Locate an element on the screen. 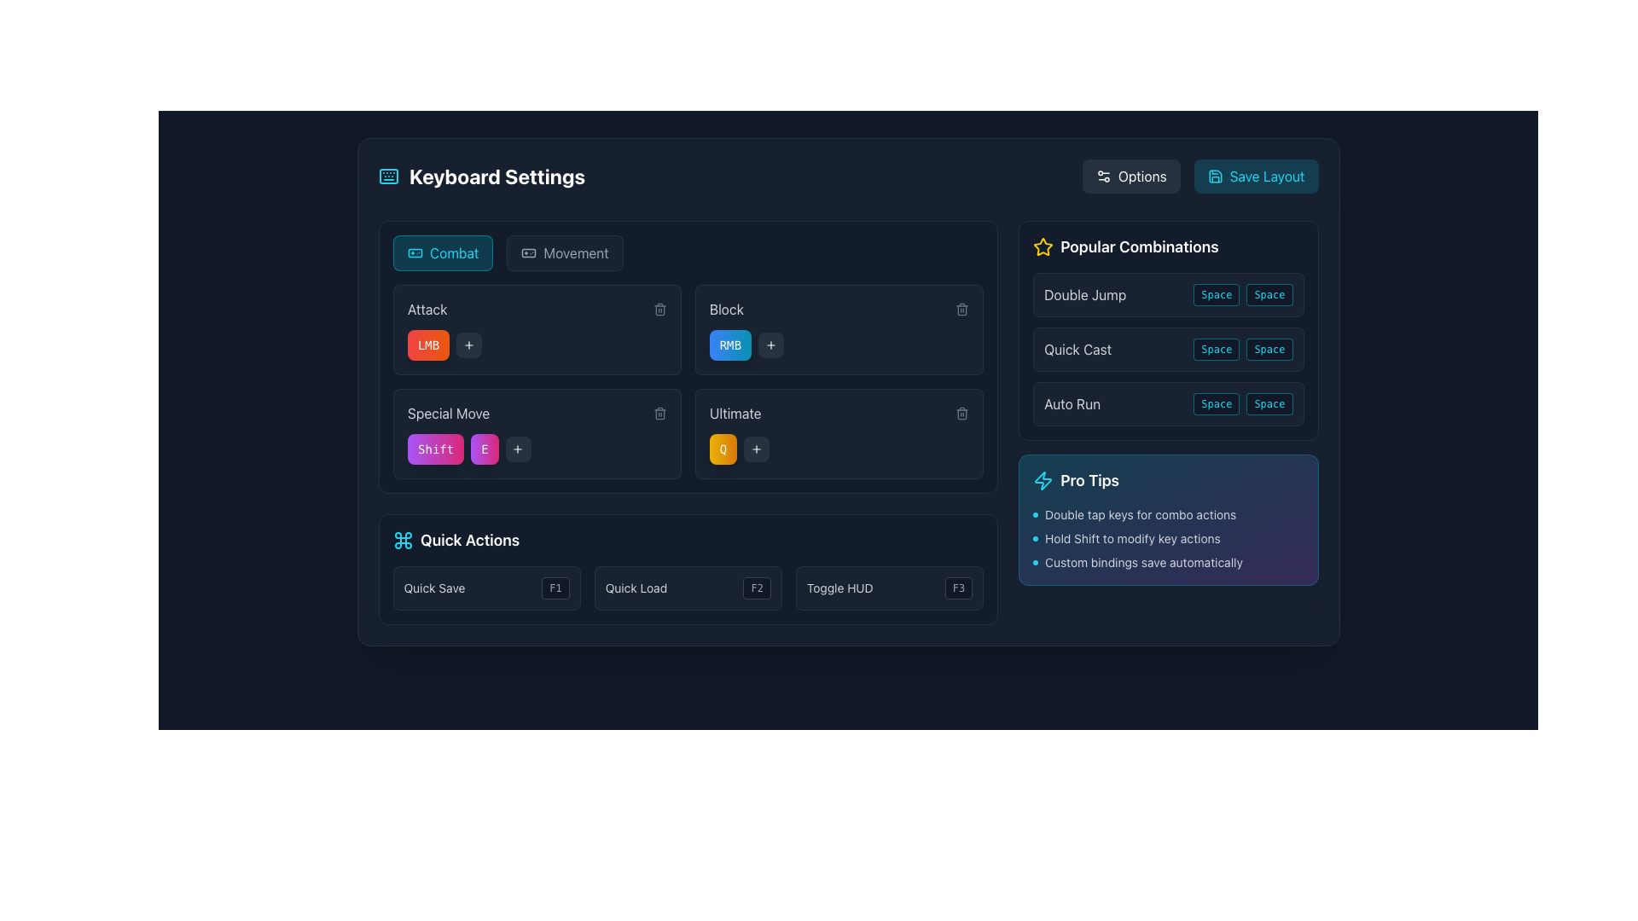  the lightning bolt icon that emphasizes the 'Pro Tips' section, located on the right pane of the interface, aligned with the heading text 'Pro Tips' is located at coordinates (1043, 480).